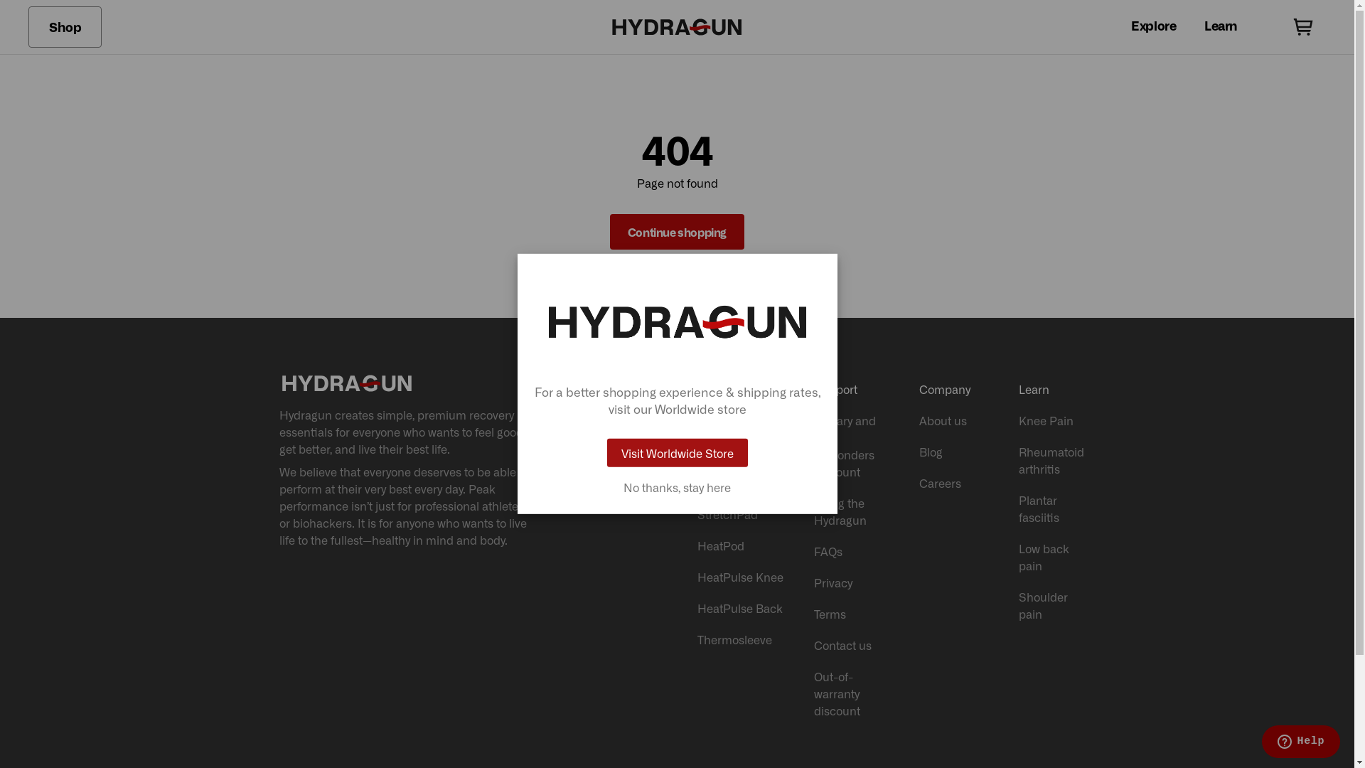 The width and height of the screenshot is (1365, 768). I want to click on 'FAQs', so click(852, 550).